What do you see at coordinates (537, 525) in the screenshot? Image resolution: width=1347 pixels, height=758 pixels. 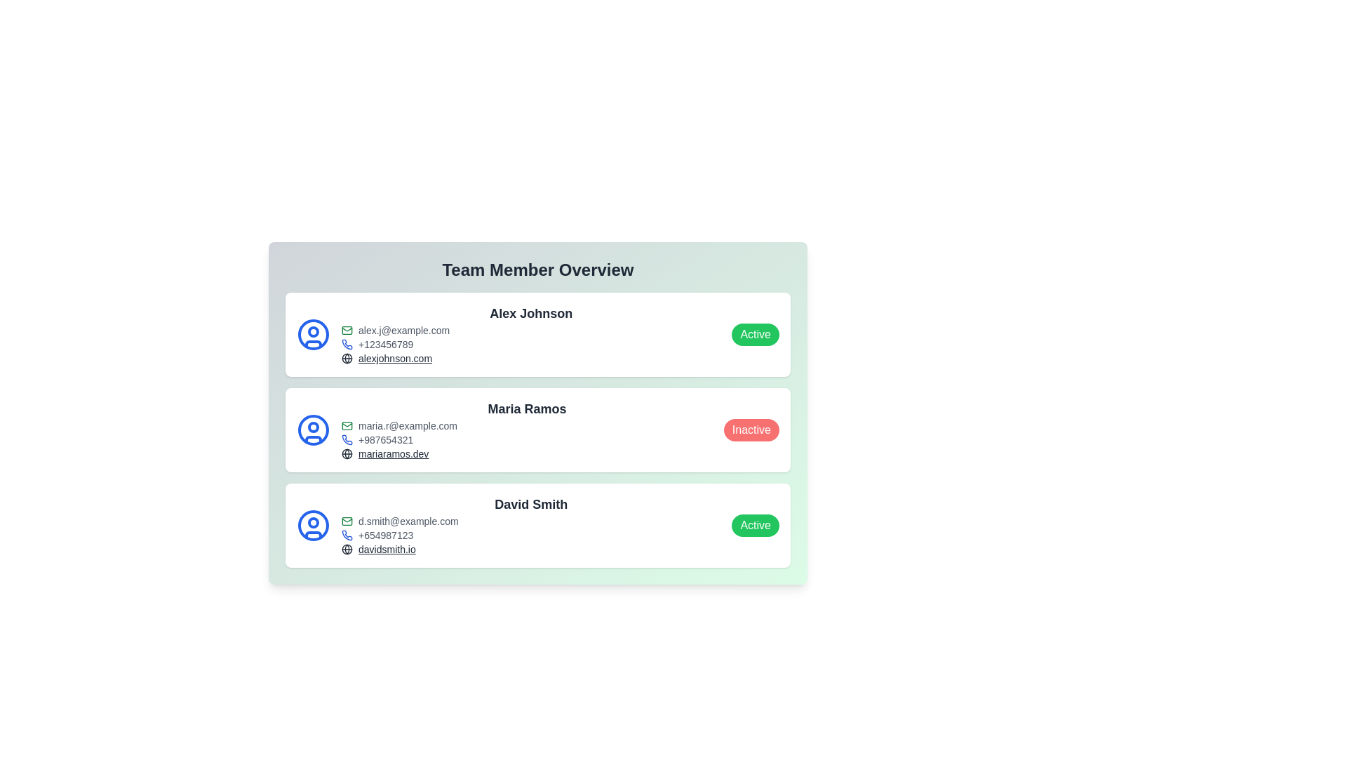 I see `the entry of David Smith to open the context menu` at bounding box center [537, 525].